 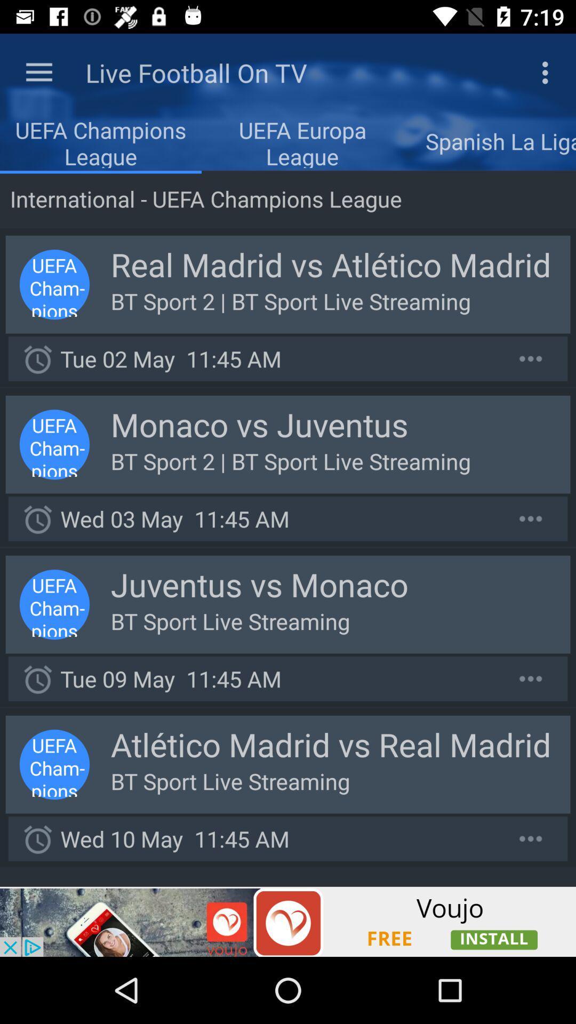 I want to click on button, so click(x=531, y=518).